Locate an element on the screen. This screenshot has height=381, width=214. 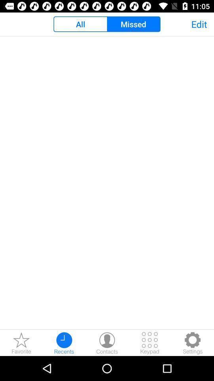
the time icon is located at coordinates (64, 343).